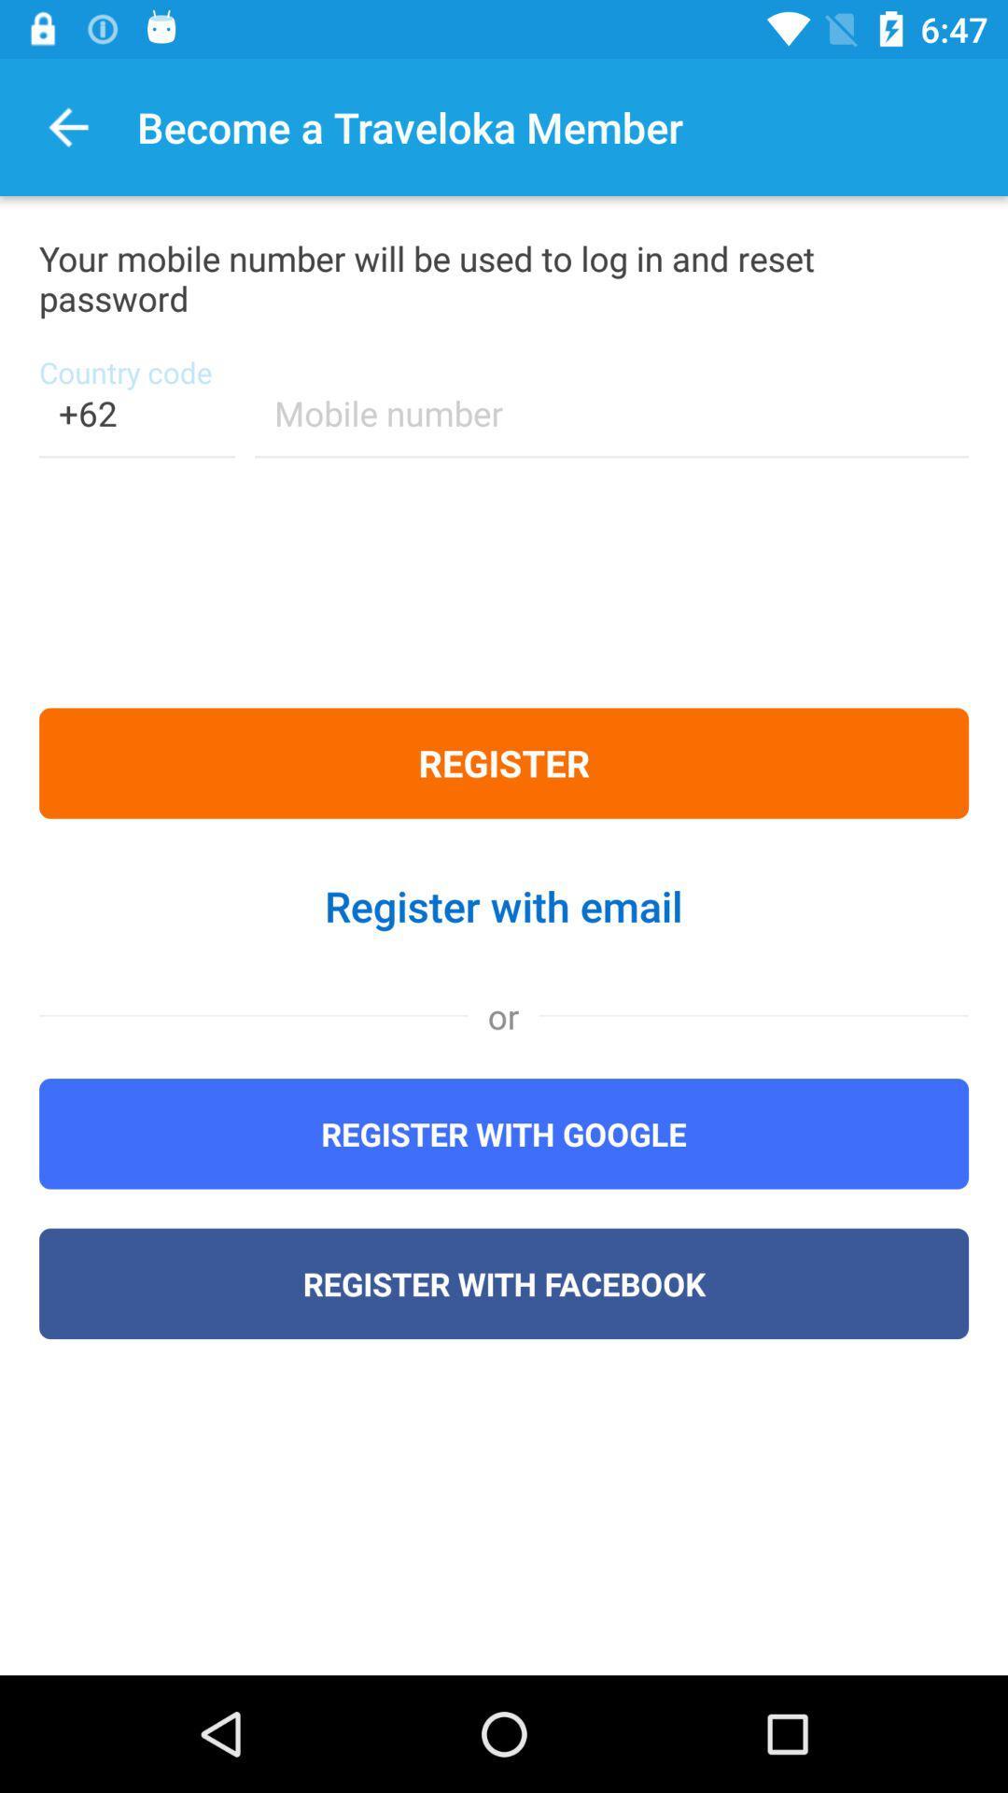  Describe the element at coordinates (67, 126) in the screenshot. I see `the item to the left of become a traveloka icon` at that location.